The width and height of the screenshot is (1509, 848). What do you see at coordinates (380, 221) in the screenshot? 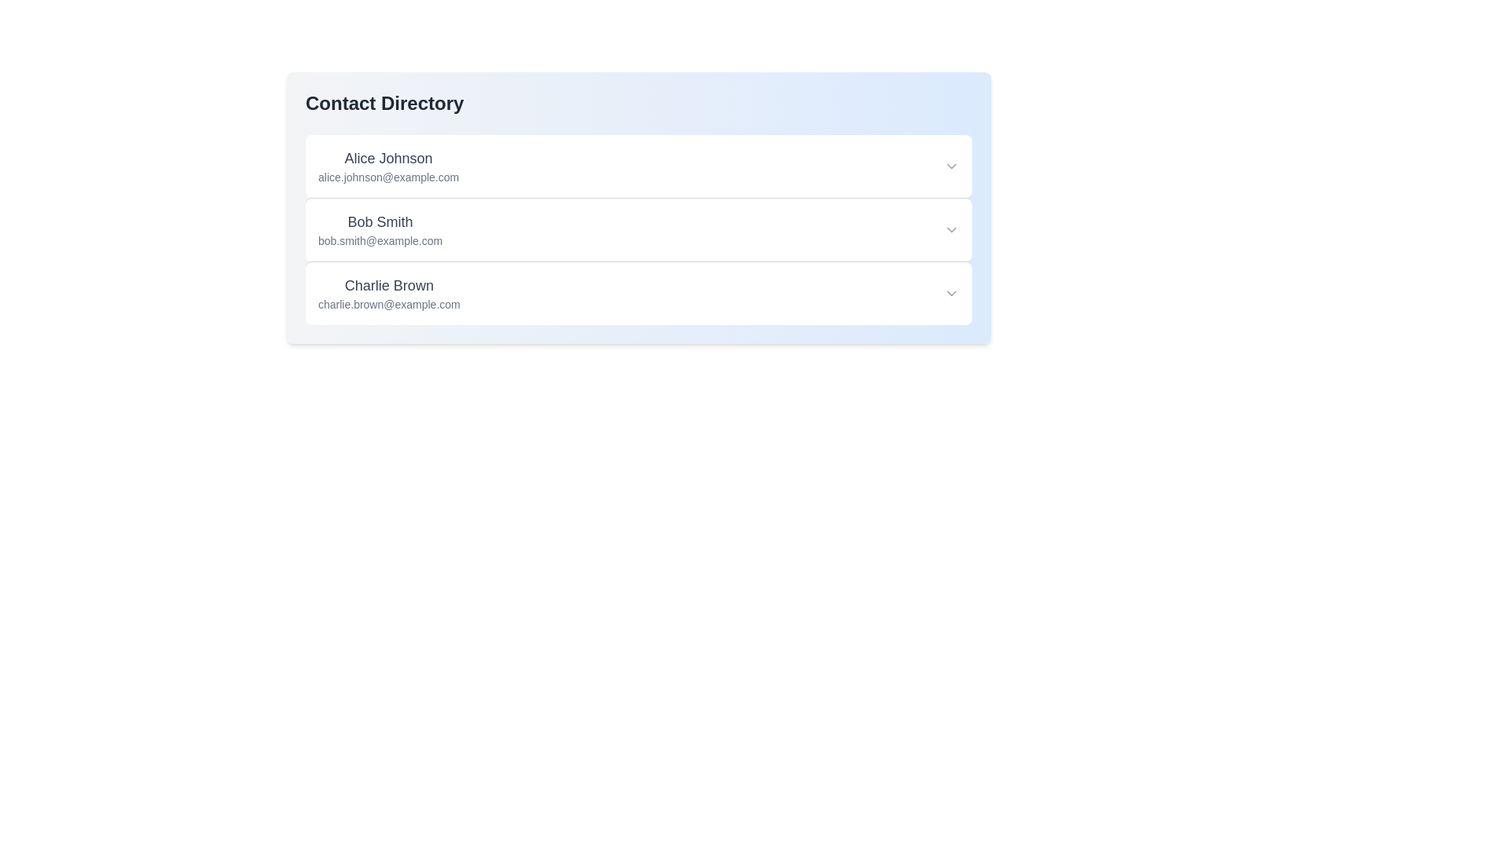
I see `the 'Bob Smith' text label, which is the main heading in the second contact card of the contact directory interface` at bounding box center [380, 221].